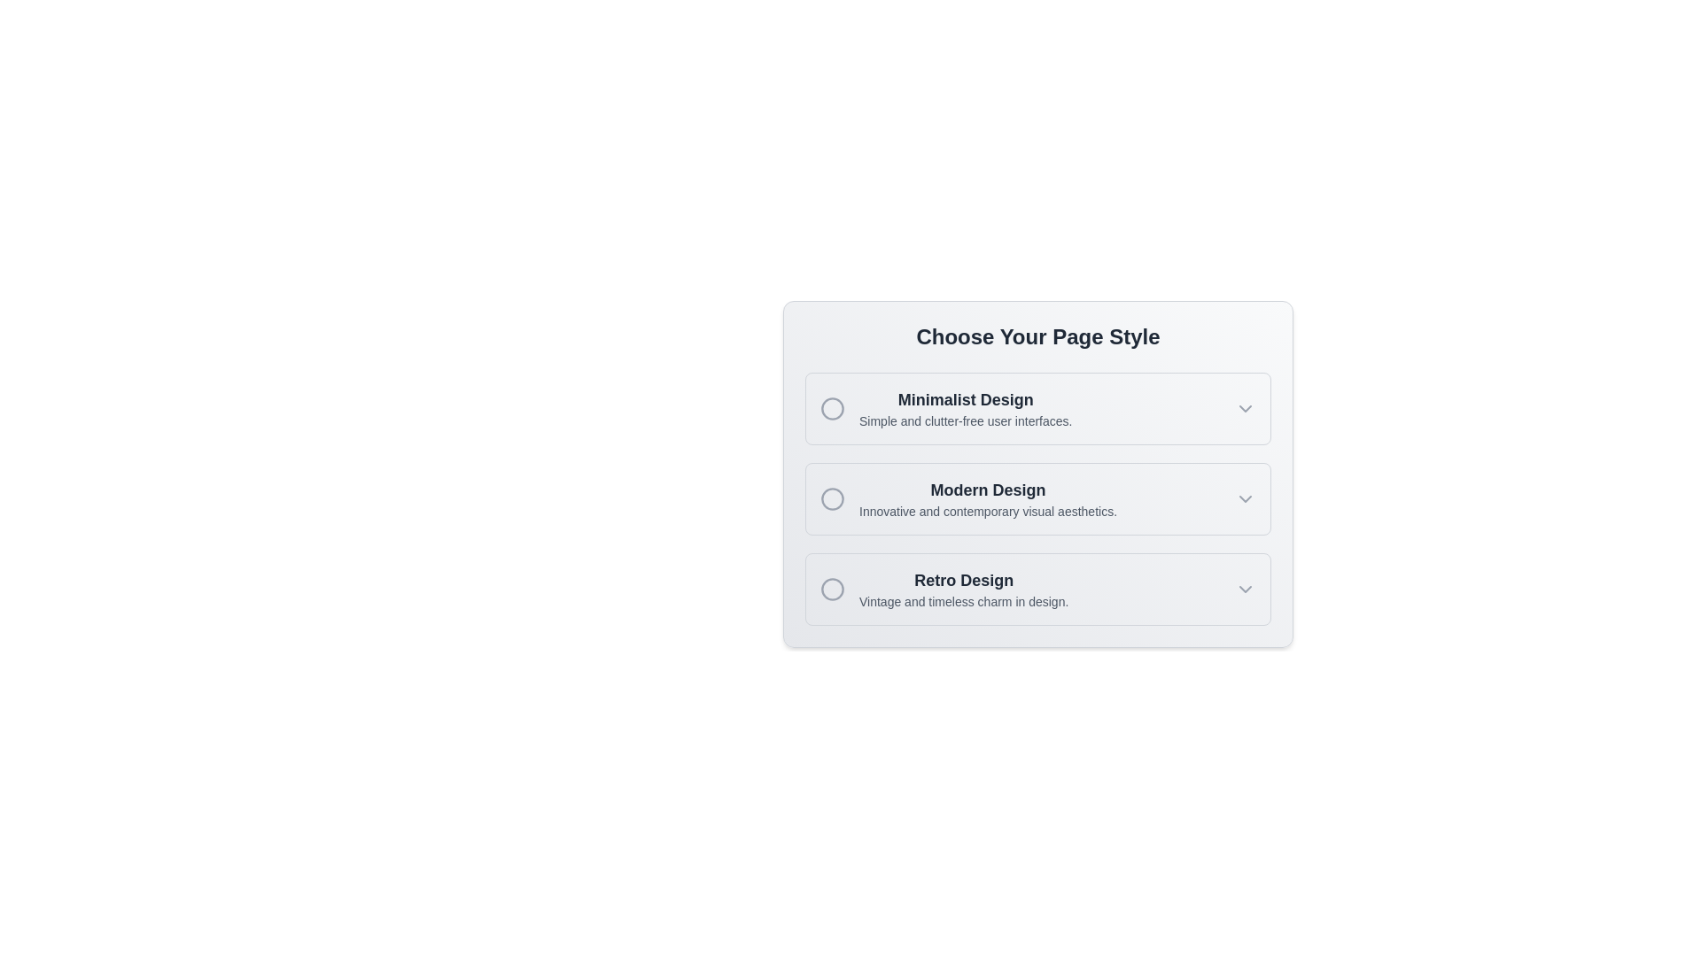  What do you see at coordinates (987, 512) in the screenshot?
I see `the static text element that reads 'Innovative and contemporary visual aesthetics.' located beneath the title 'Modern Design'` at bounding box center [987, 512].